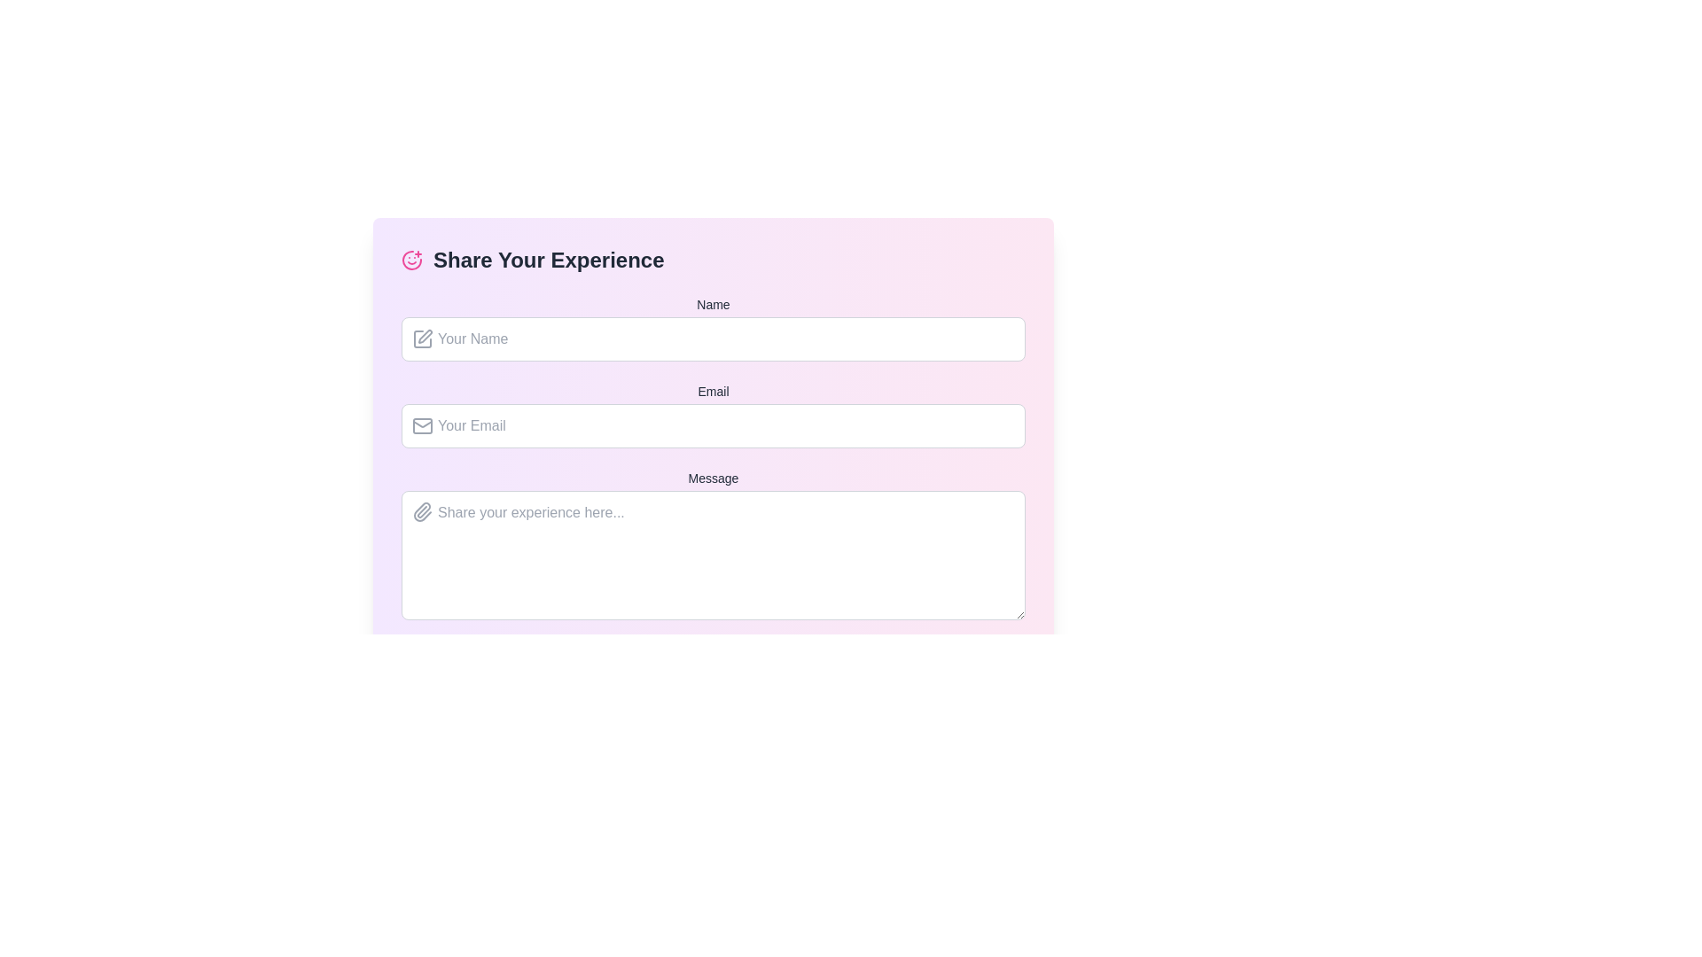  I want to click on the label indicating the email input field, which is positioned directly above the input field in the user feedback submission section, so click(714, 391).